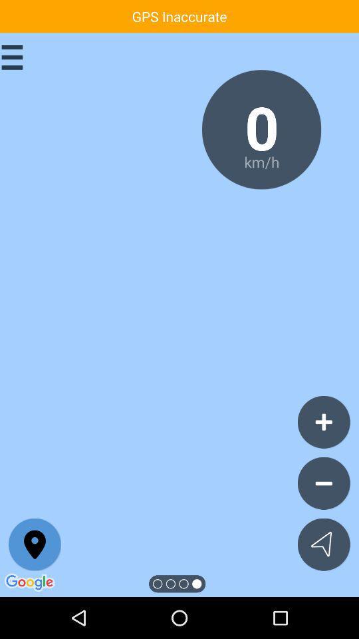 This screenshot has height=639, width=359. What do you see at coordinates (35, 544) in the screenshot?
I see `the location icon` at bounding box center [35, 544].